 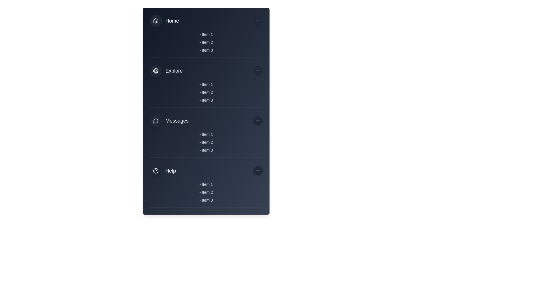 I want to click on the collapse/expand button located at the top-right corner of the 'Home' section in the left navigation menu, so click(x=258, y=20).